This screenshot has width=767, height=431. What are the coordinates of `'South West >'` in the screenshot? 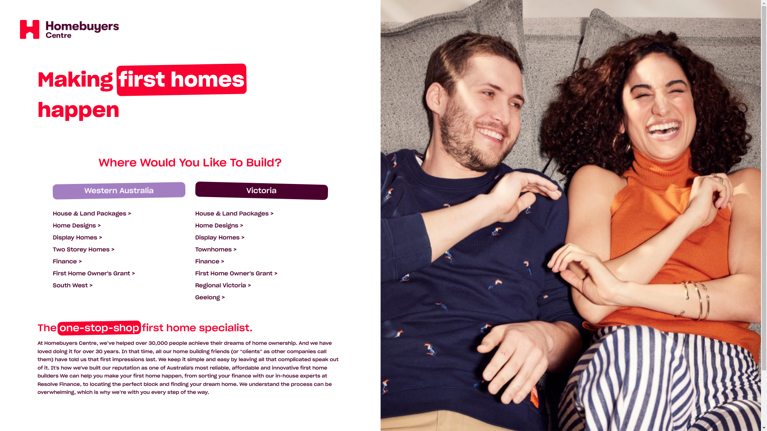 It's located at (73, 285).